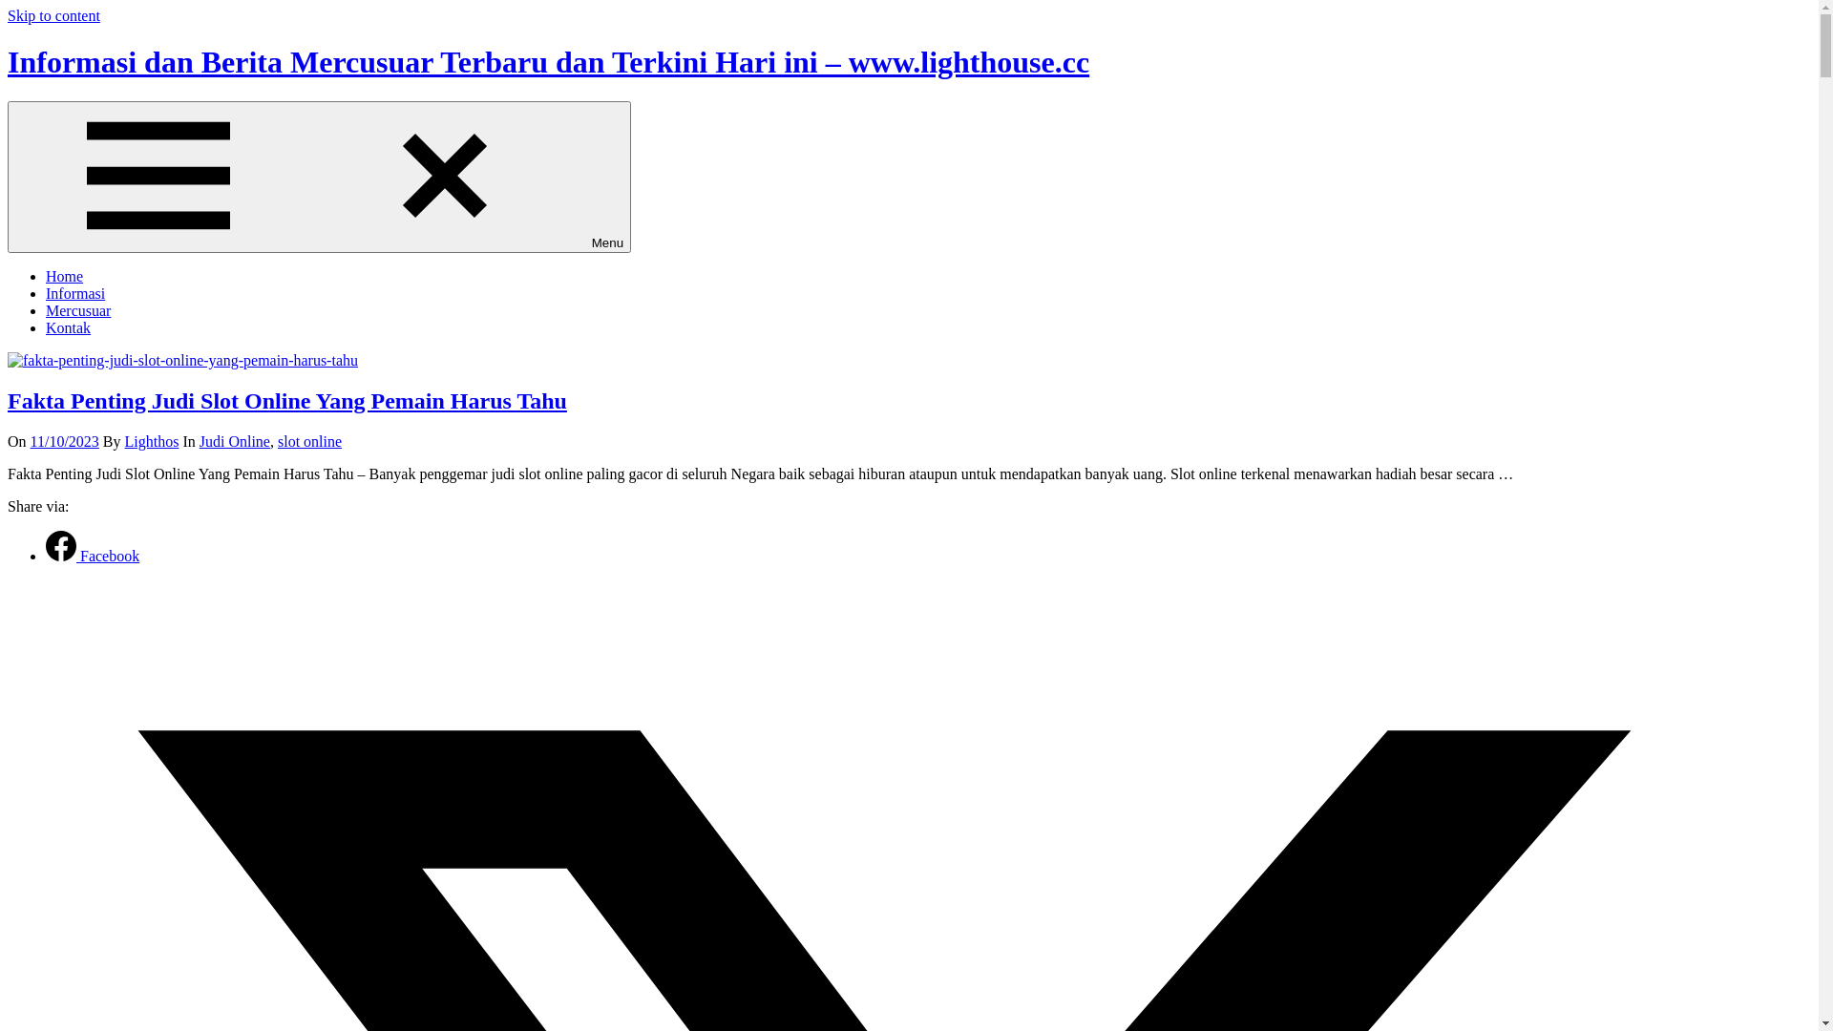  Describe the element at coordinates (46, 309) in the screenshot. I see `'Mercusuar'` at that location.